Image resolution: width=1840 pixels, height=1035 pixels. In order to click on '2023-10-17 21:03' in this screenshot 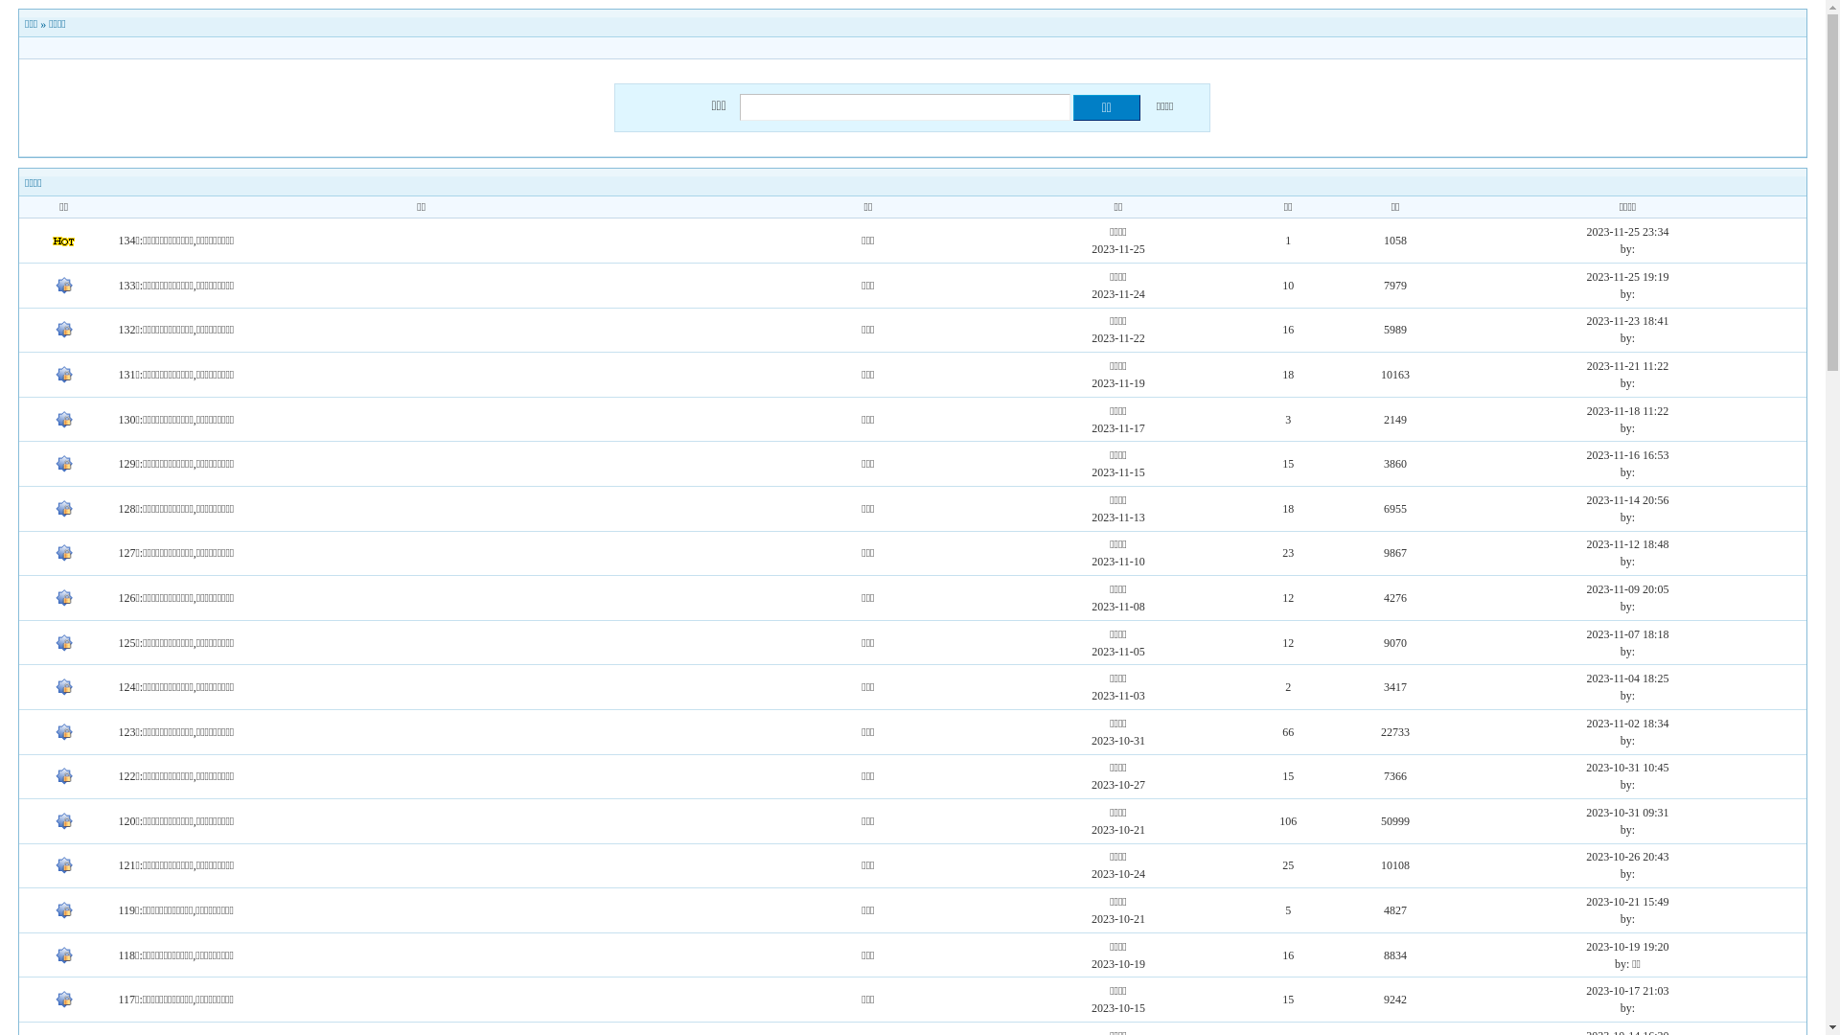, I will do `click(1626, 990)`.